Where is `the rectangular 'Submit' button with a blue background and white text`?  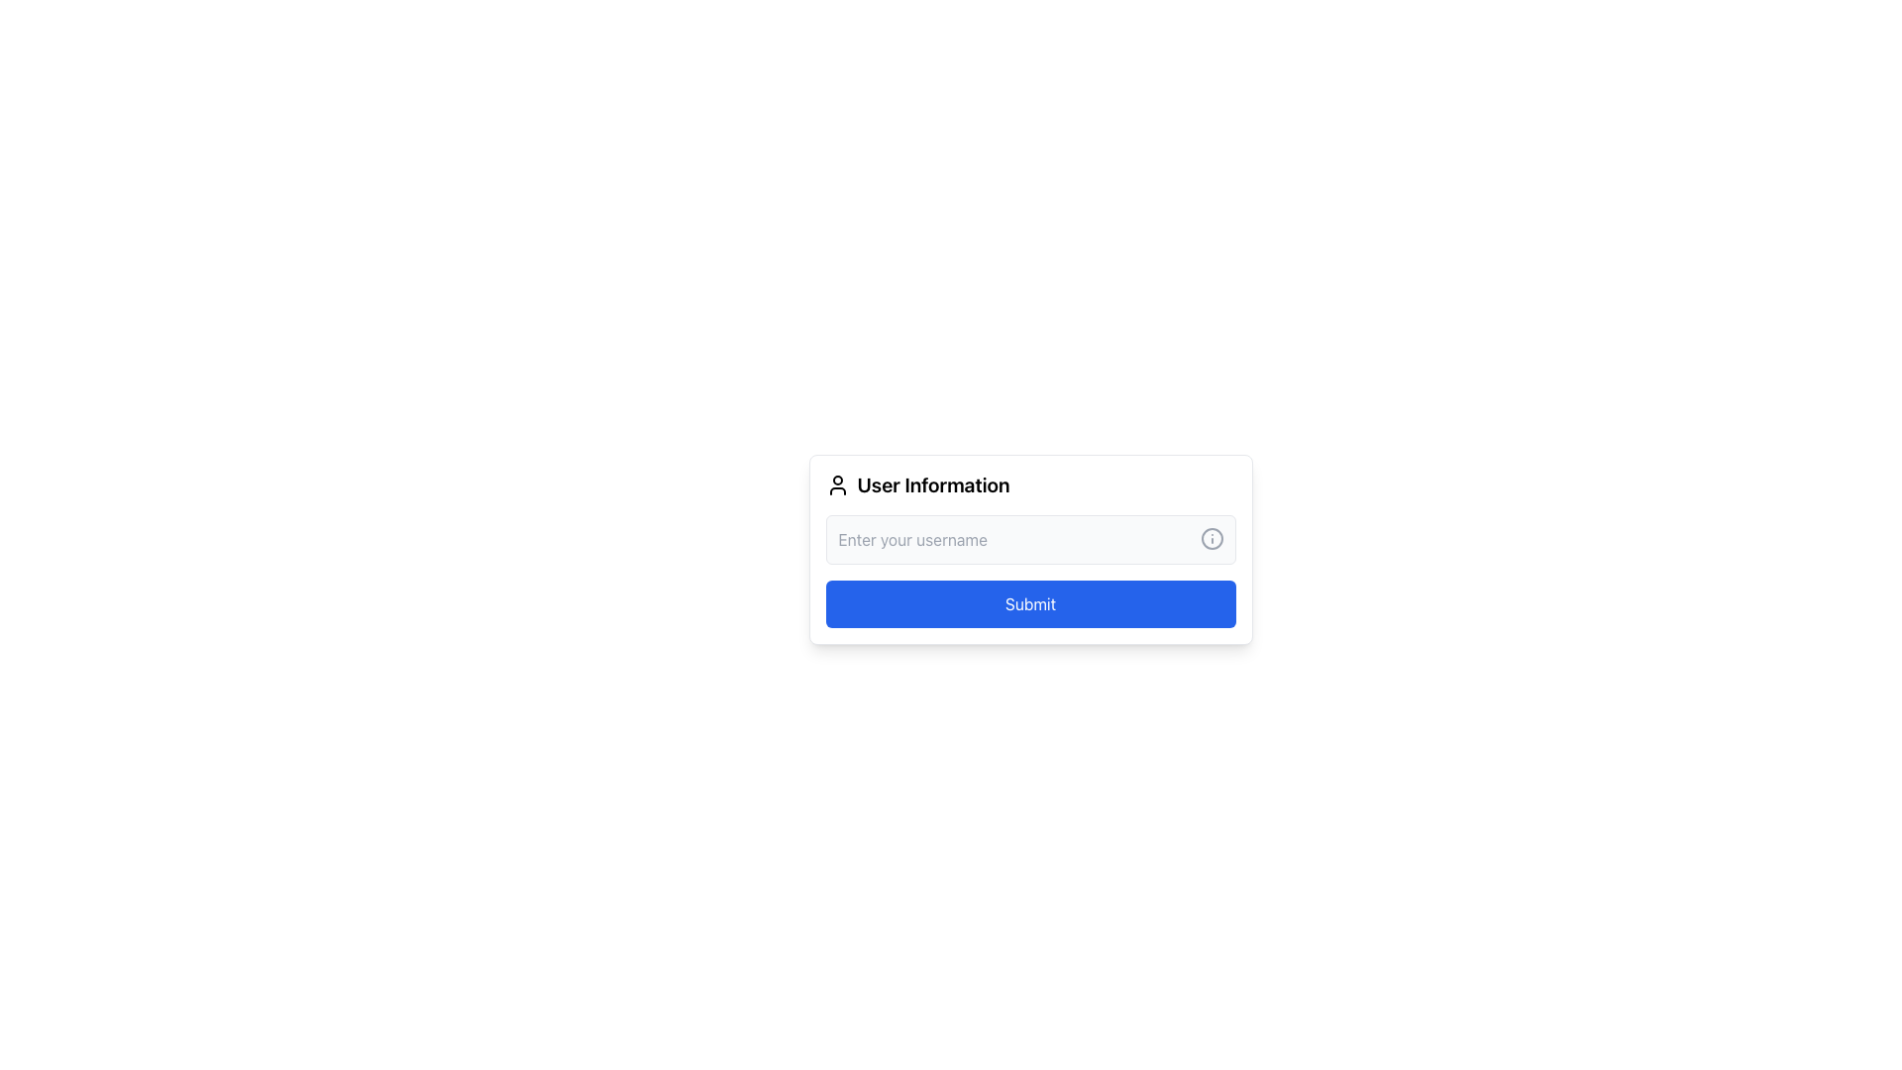 the rectangular 'Submit' button with a blue background and white text is located at coordinates (1030, 602).